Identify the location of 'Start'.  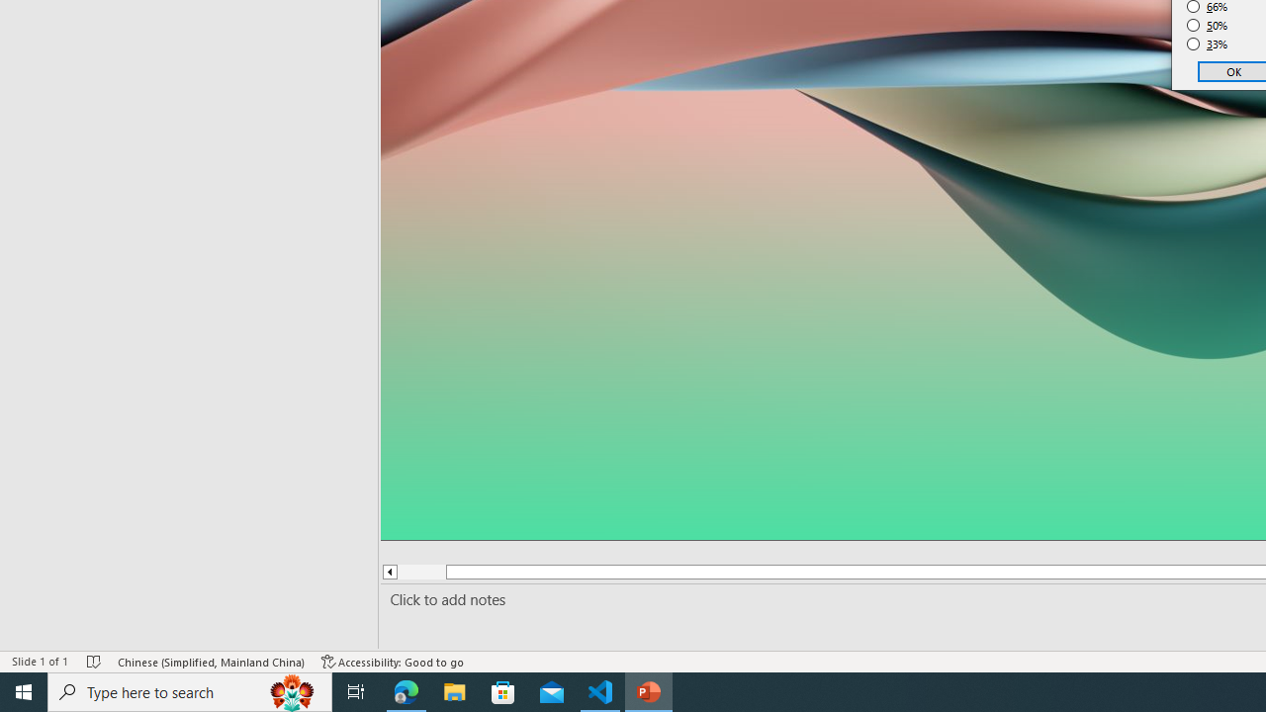
(24, 690).